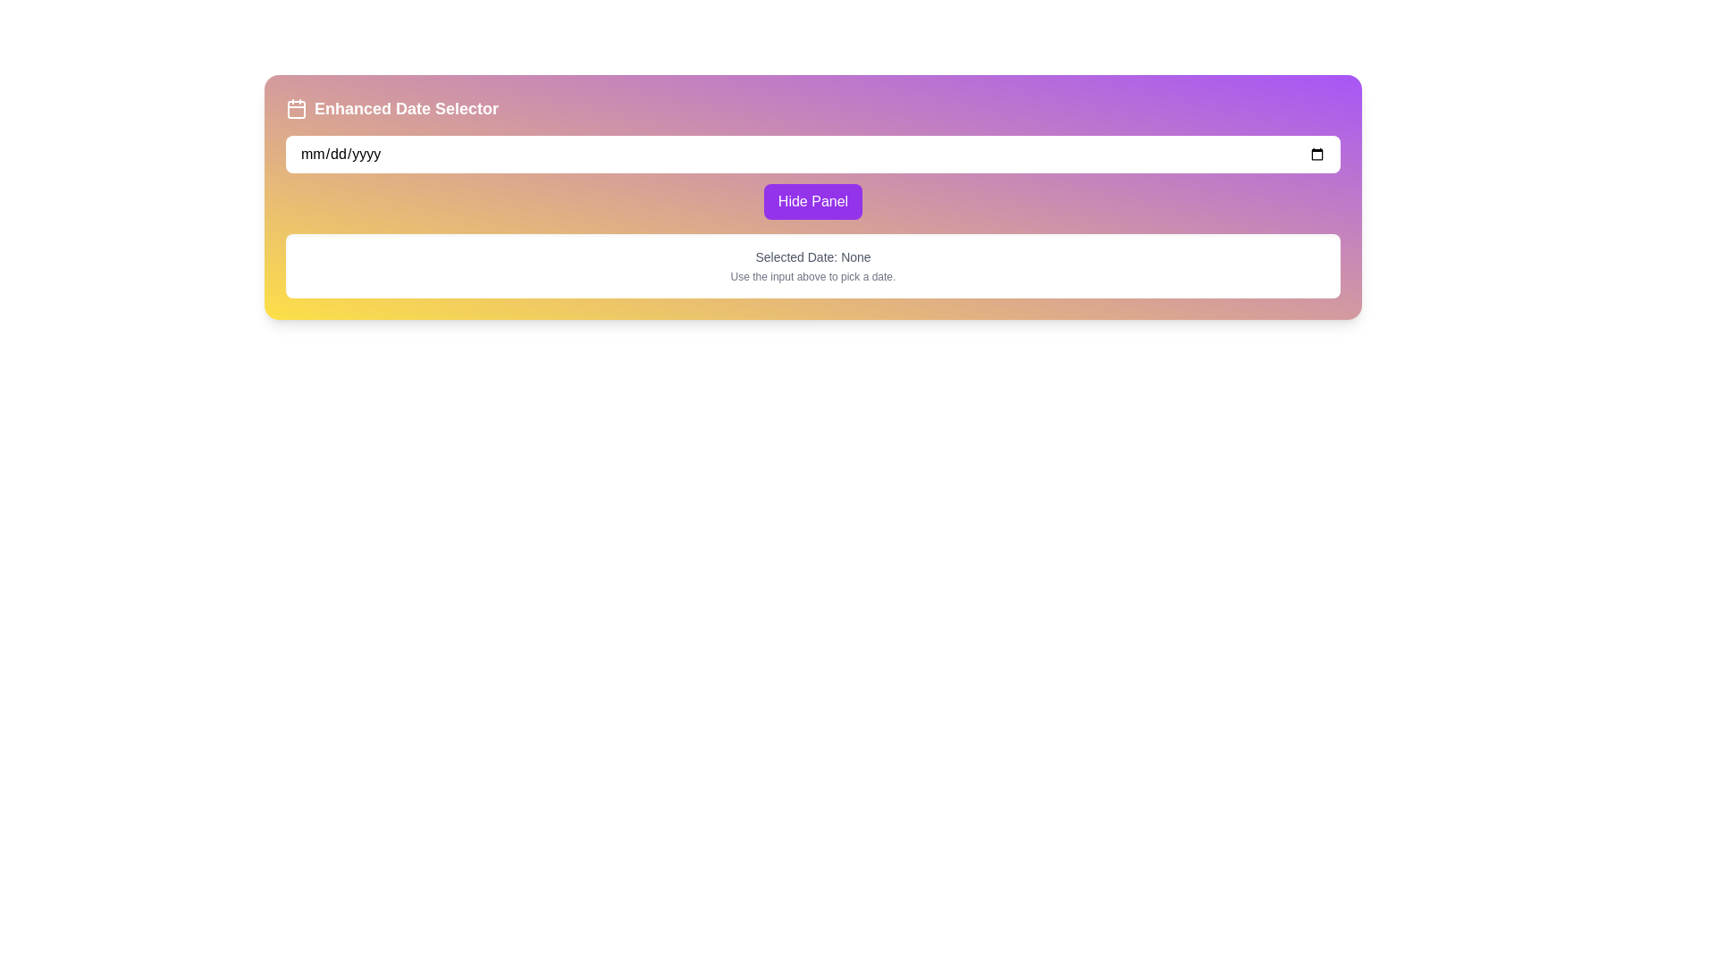  What do you see at coordinates (812, 154) in the screenshot?
I see `the Date Input Field located at the top-center of the 'Enhanced Date Selector' panel` at bounding box center [812, 154].